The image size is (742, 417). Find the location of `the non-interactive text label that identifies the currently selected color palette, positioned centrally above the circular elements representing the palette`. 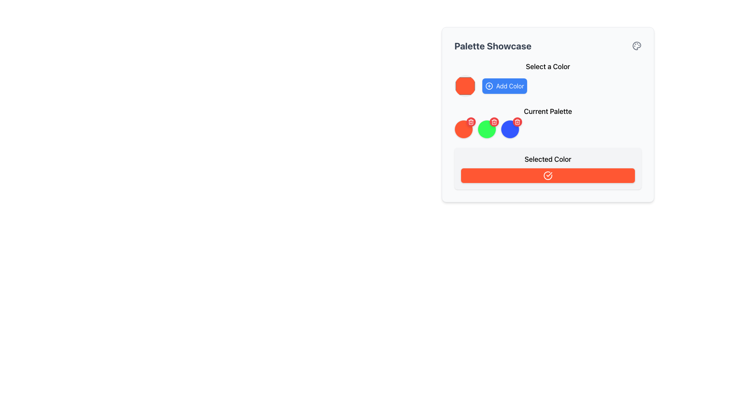

the non-interactive text label that identifies the currently selected color palette, positioned centrally above the circular elements representing the palette is located at coordinates (547, 112).